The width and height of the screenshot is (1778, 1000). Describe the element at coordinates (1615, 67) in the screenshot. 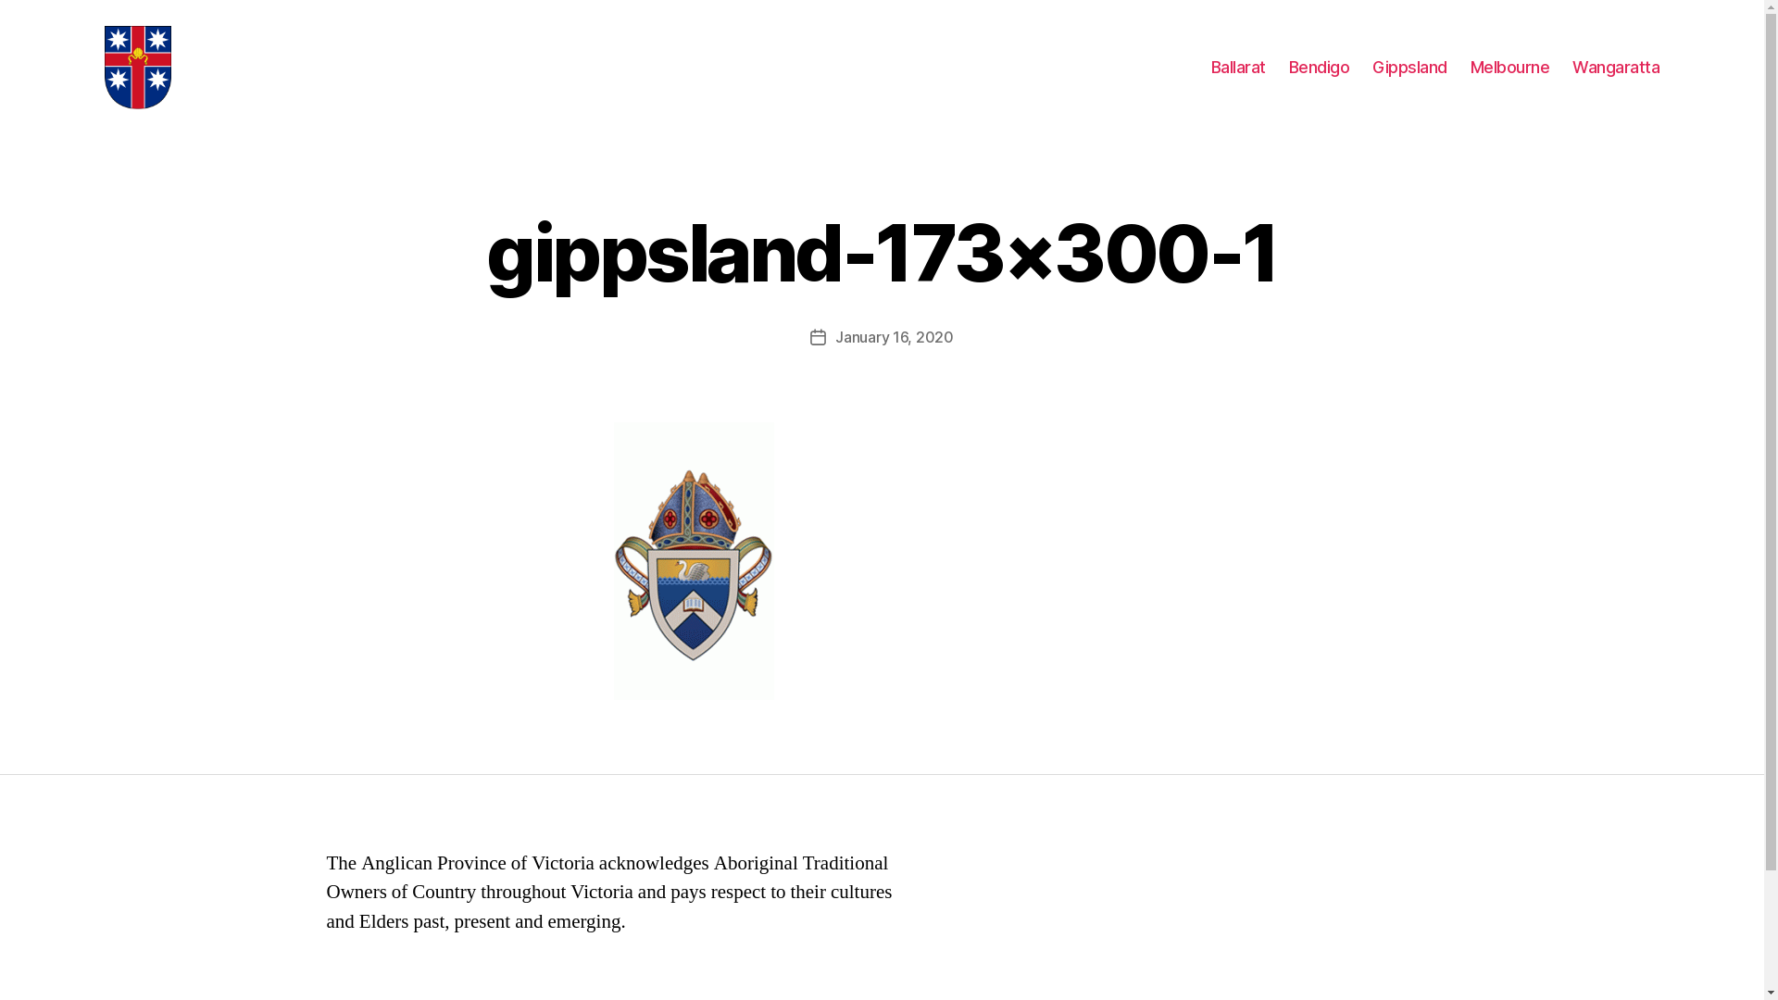

I see `'Wangaratta'` at that location.